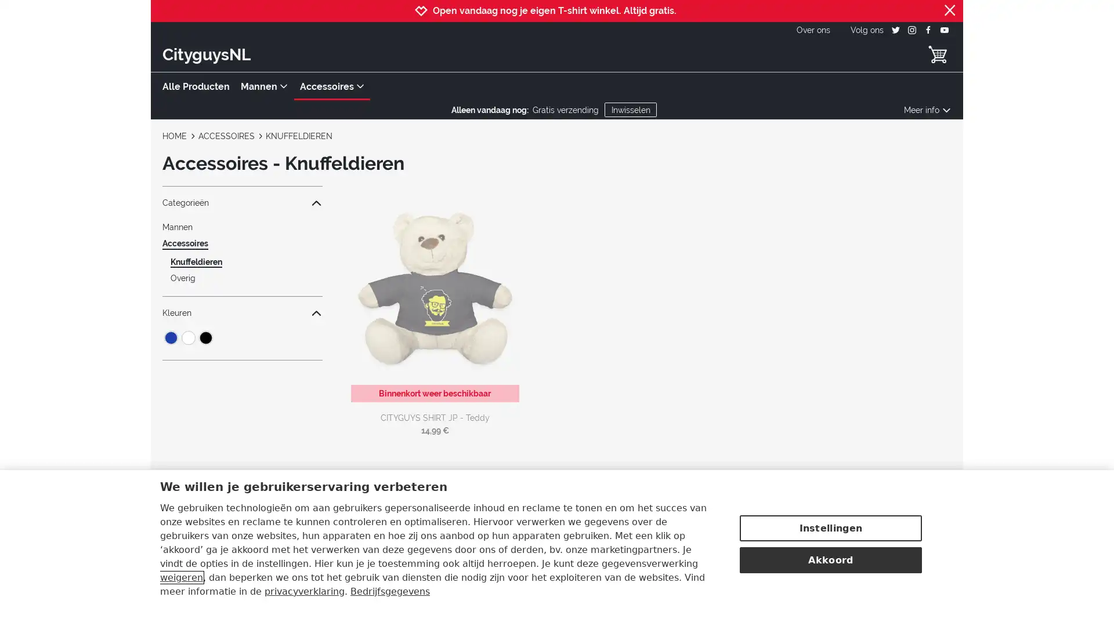 The height and width of the screenshot is (626, 1114). Describe the element at coordinates (830, 527) in the screenshot. I see `Instellingen` at that location.